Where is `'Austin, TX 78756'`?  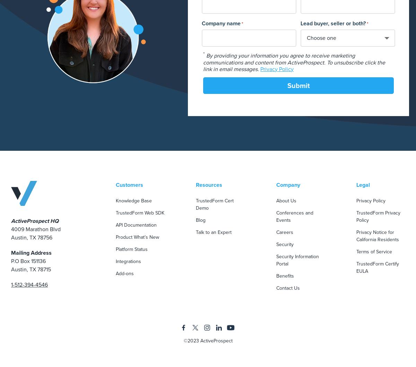 'Austin, TX 78756' is located at coordinates (11, 237).